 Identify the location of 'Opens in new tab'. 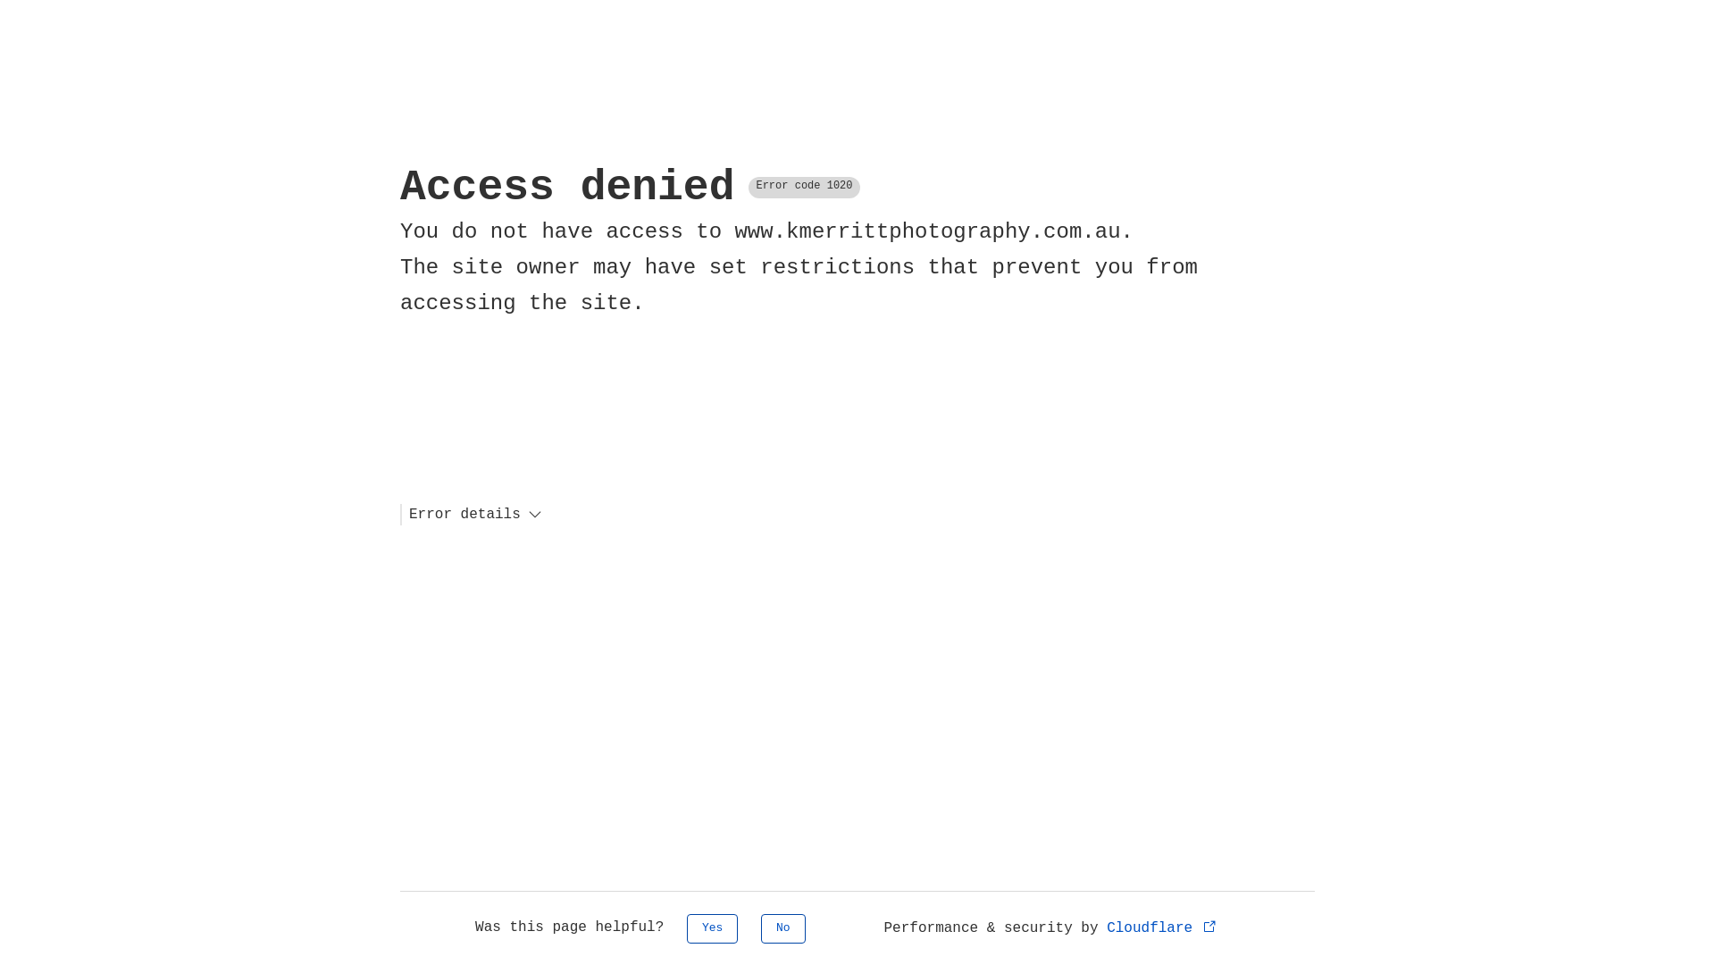
(1209, 925).